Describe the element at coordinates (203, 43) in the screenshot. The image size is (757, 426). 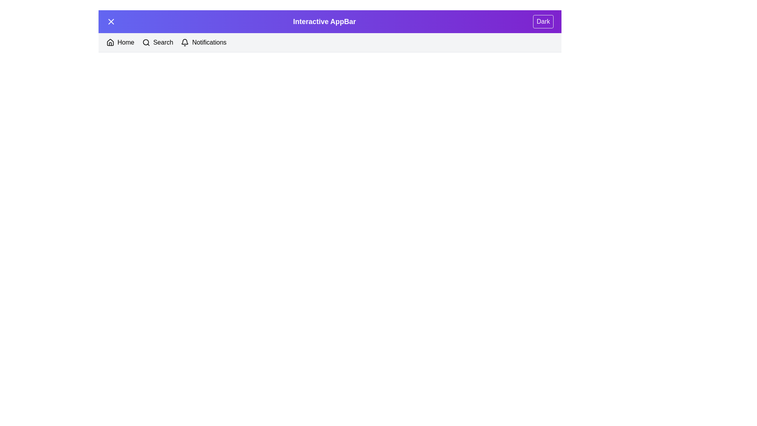
I see `the Notifications button in the navigation bar` at that location.